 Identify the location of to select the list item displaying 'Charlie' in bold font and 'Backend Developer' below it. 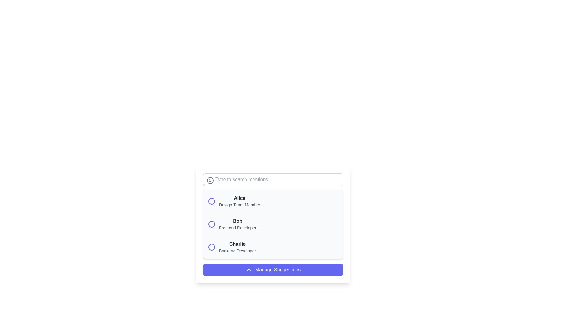
(272, 247).